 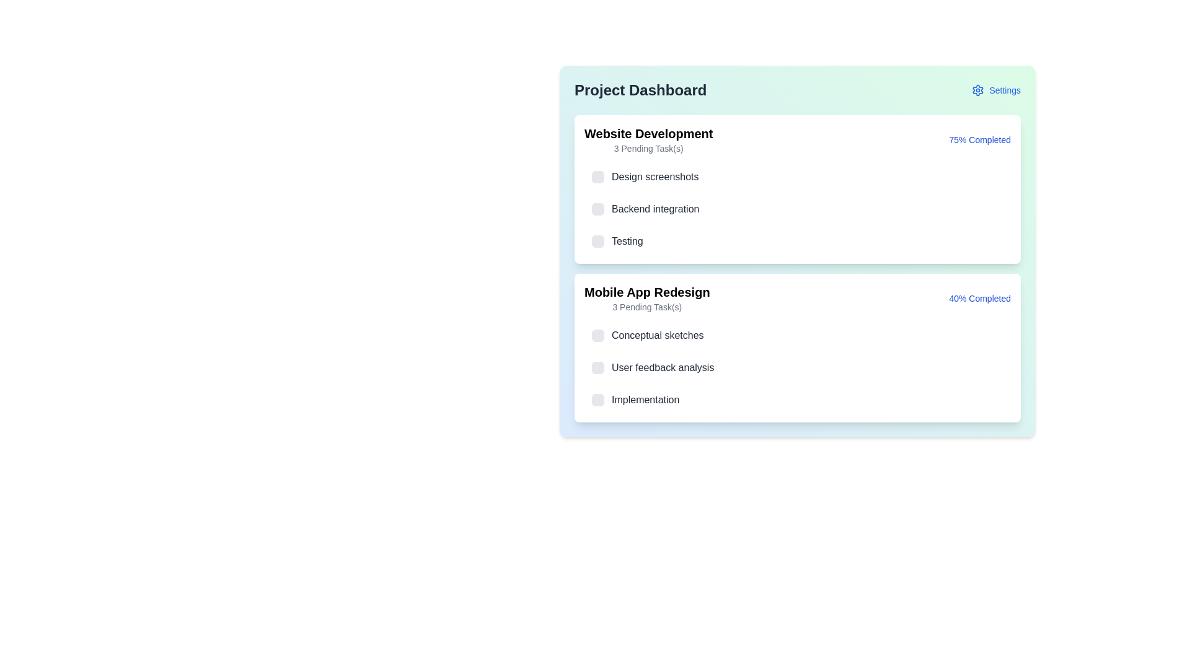 I want to click on title content of the Text Label that identifies the 'Mobile App Redesign' project, which is located at the top of its section, so click(x=646, y=292).